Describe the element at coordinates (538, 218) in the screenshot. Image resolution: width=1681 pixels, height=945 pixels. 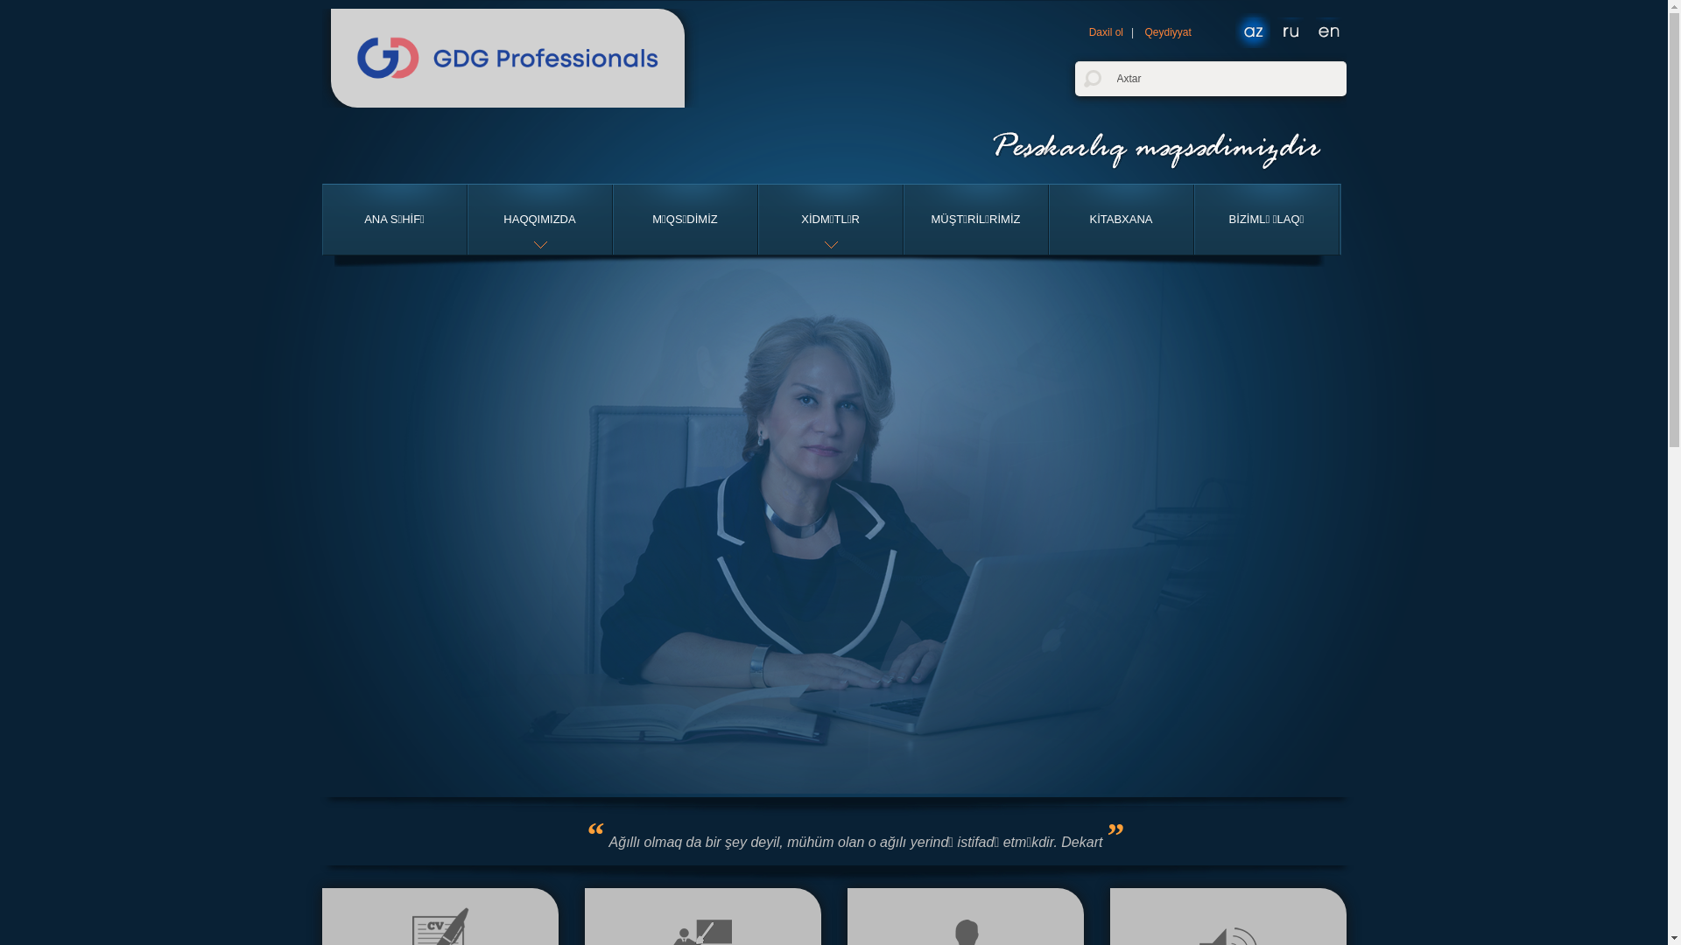
I see `'HAQQIMIZDA'` at that location.